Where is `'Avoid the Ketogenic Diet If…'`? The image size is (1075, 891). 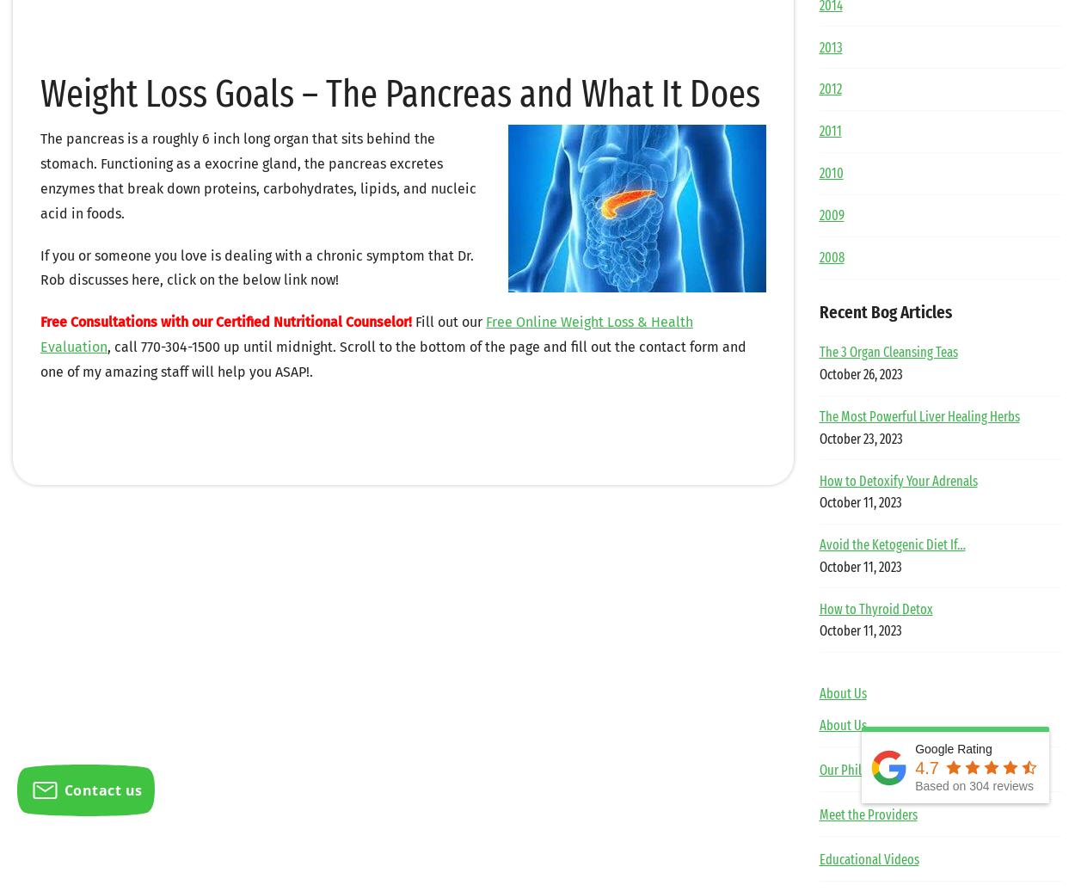
'Avoid the Ketogenic Diet If…' is located at coordinates (892, 544).